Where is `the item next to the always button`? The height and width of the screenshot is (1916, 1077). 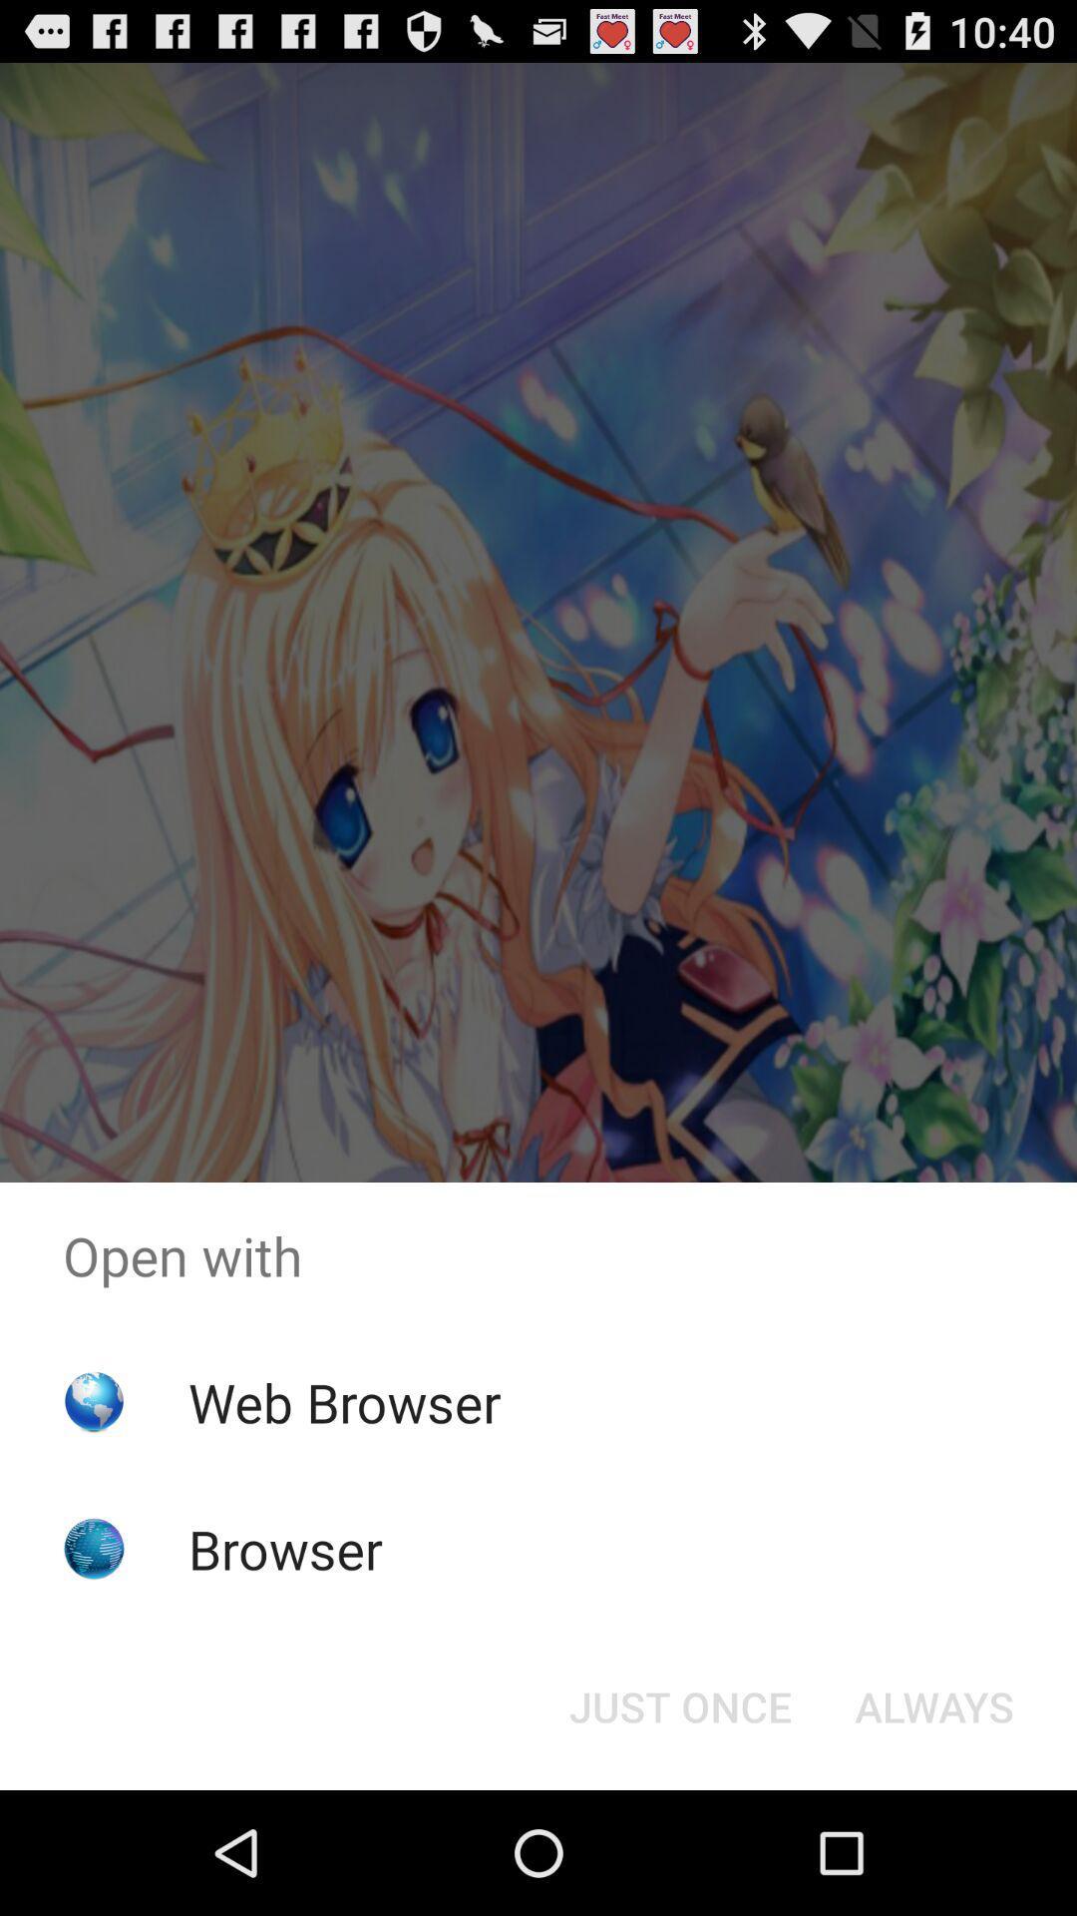 the item next to the always button is located at coordinates (679, 1704).